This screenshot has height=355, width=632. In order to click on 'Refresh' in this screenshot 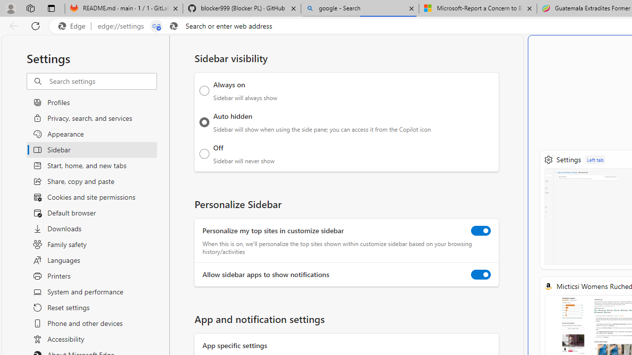, I will do `click(36, 25)`.